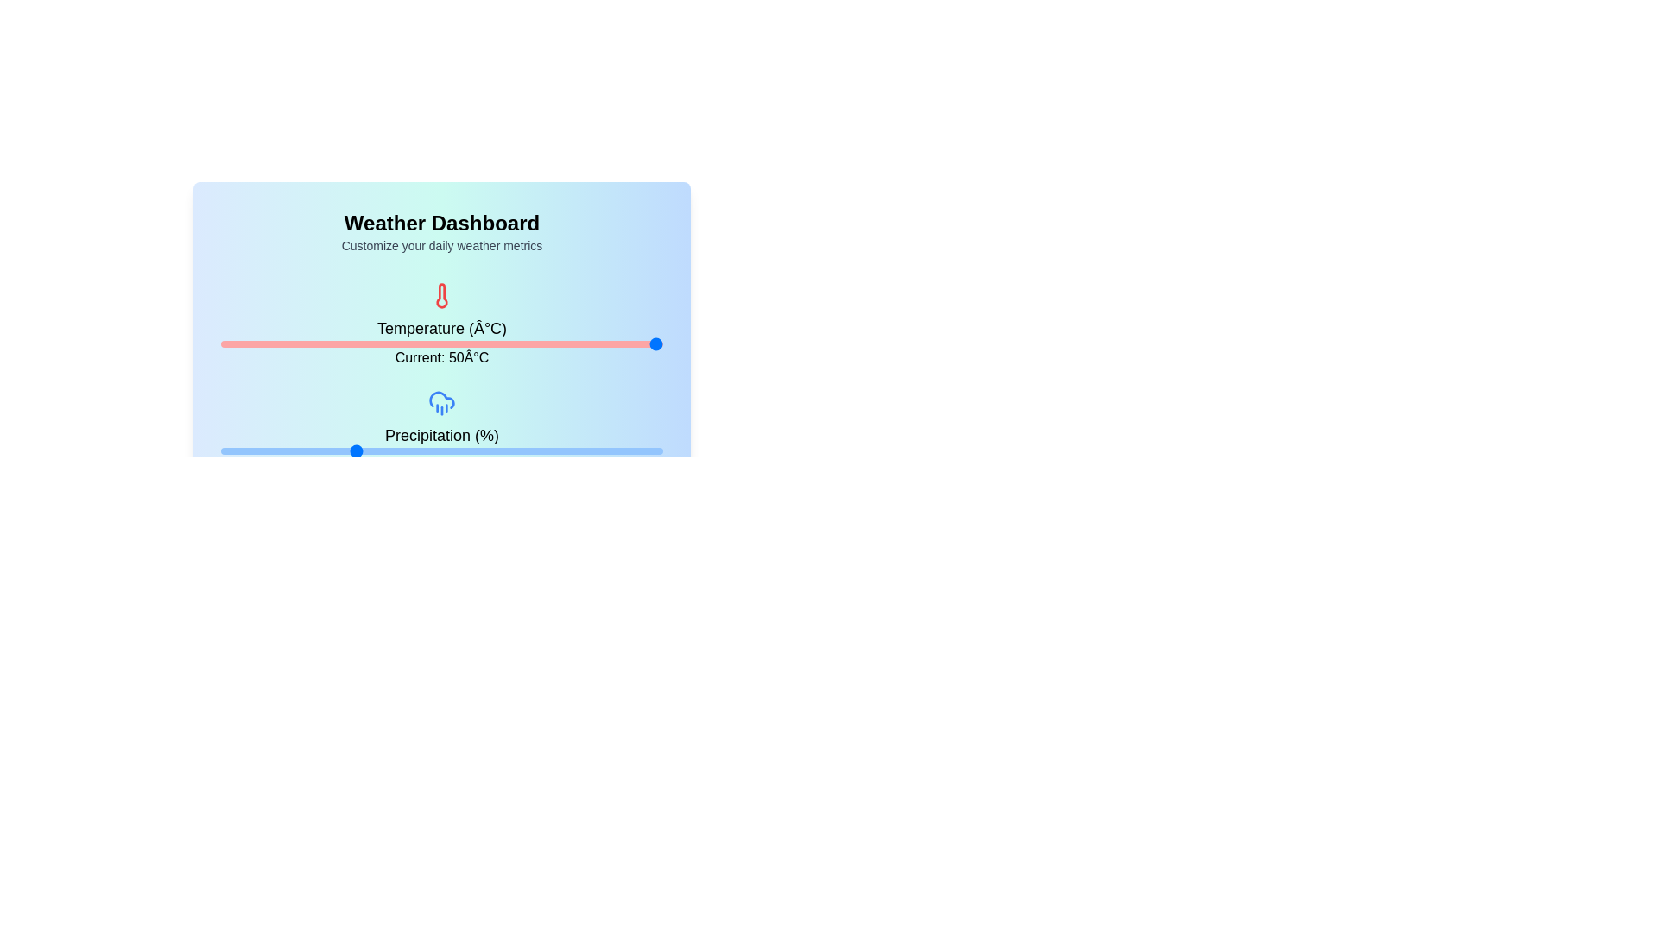 This screenshot has width=1658, height=932. Describe the element at coordinates (442, 402) in the screenshot. I see `the Decorative SVG cloud icon with raindrops that is part of the weather-related visualization, located above the 'Precipitation (%)' label` at that location.